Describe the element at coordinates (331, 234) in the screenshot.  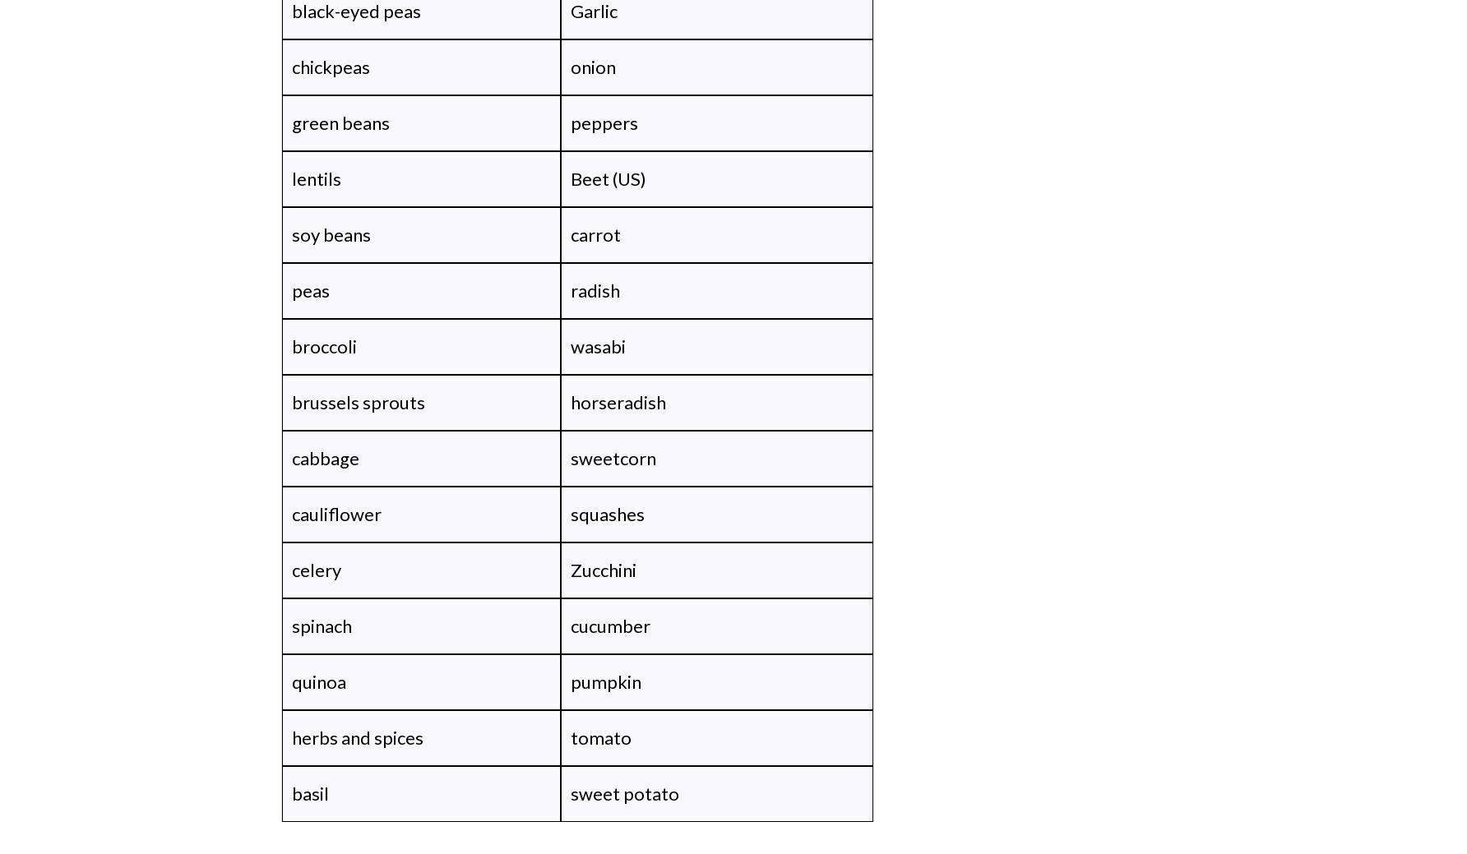
I see `'soy beans'` at that location.